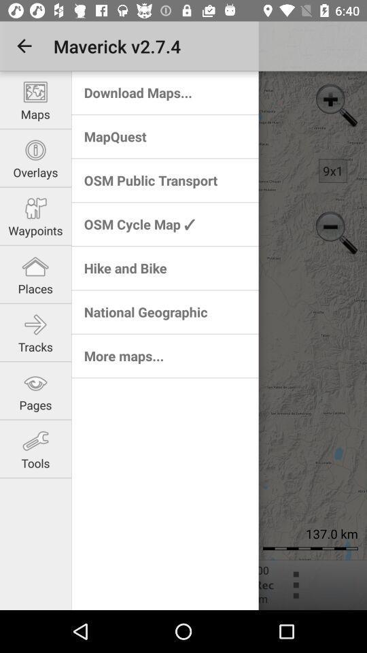  Describe the element at coordinates (31, 340) in the screenshot. I see `the arrow_forward icon` at that location.